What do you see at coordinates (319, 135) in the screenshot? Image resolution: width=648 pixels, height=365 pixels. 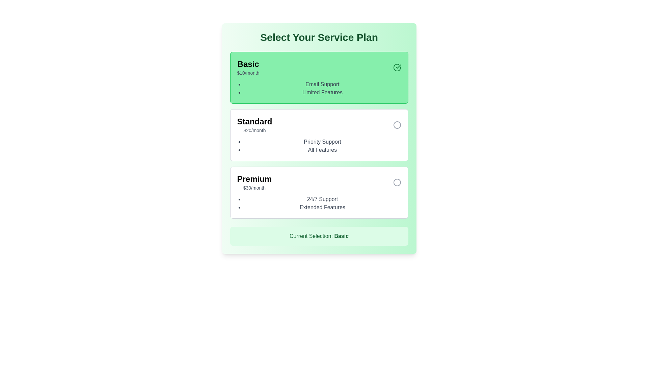 I see `the 'Standard' radio button option with a white background and gray border` at bounding box center [319, 135].